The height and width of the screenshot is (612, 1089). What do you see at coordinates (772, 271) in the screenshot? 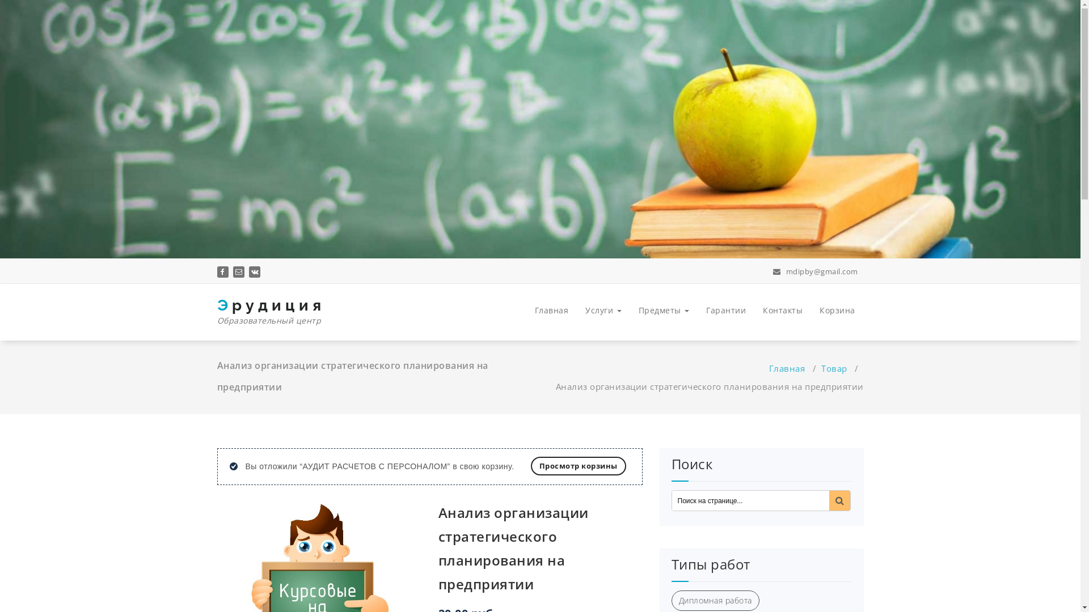
I see `'mdipby@gmail.com'` at bounding box center [772, 271].